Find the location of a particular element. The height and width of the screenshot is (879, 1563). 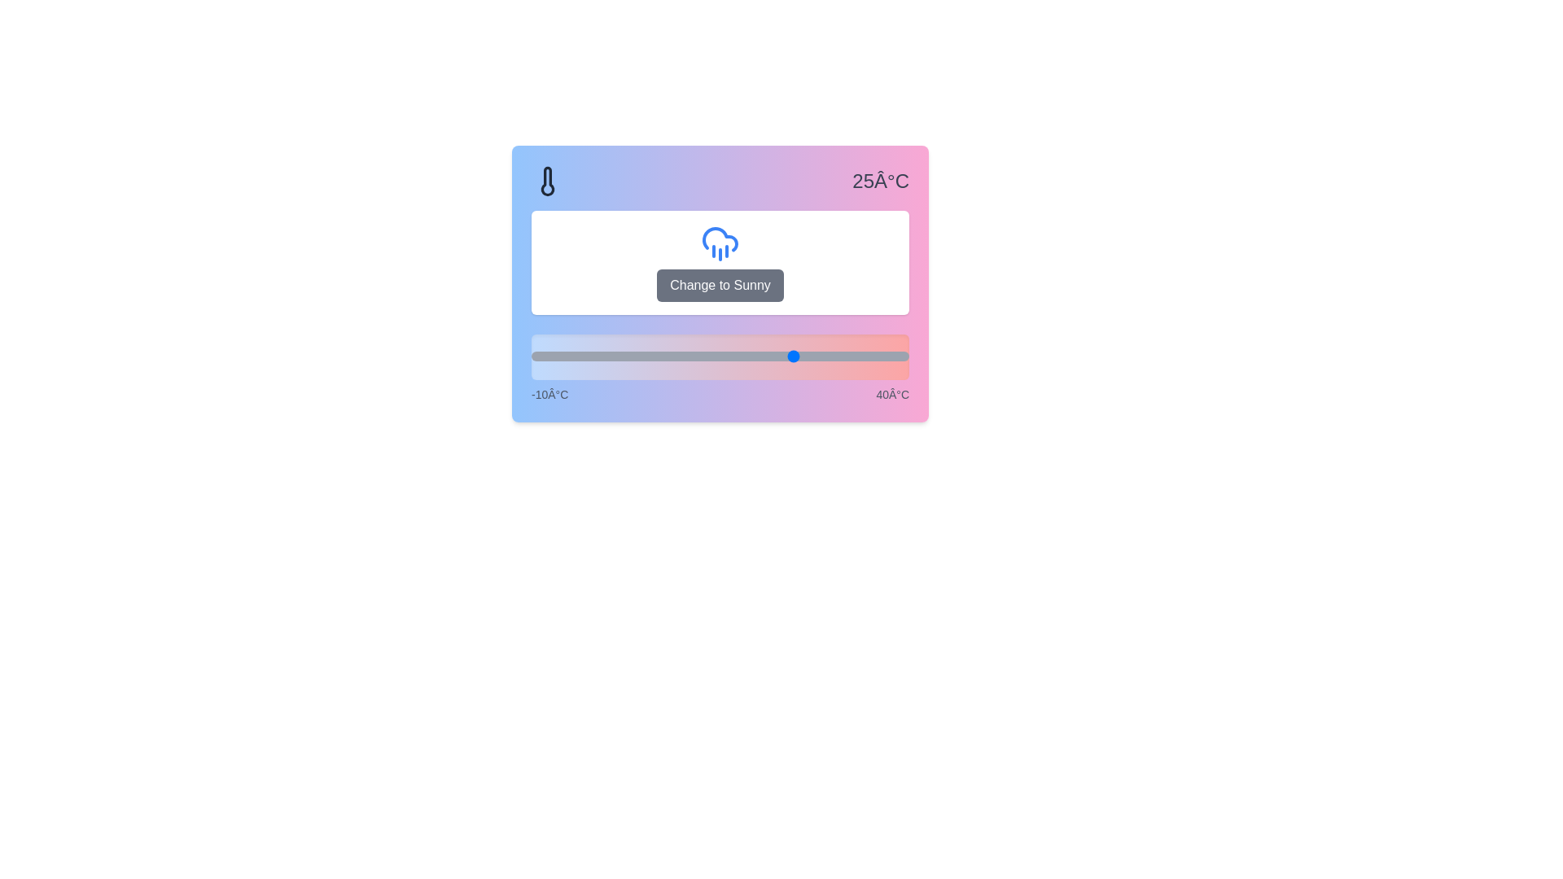

button labeled 'Change to Sunny' to toggle the weather condition is located at coordinates (719, 285).